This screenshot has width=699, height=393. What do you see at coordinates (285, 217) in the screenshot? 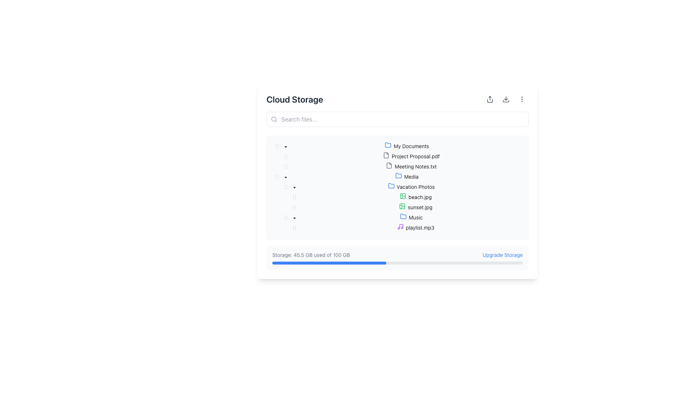
I see `the drag handle with vertical dots located near the left edge of the 'Music' row in the hierarchical tree structure` at bounding box center [285, 217].